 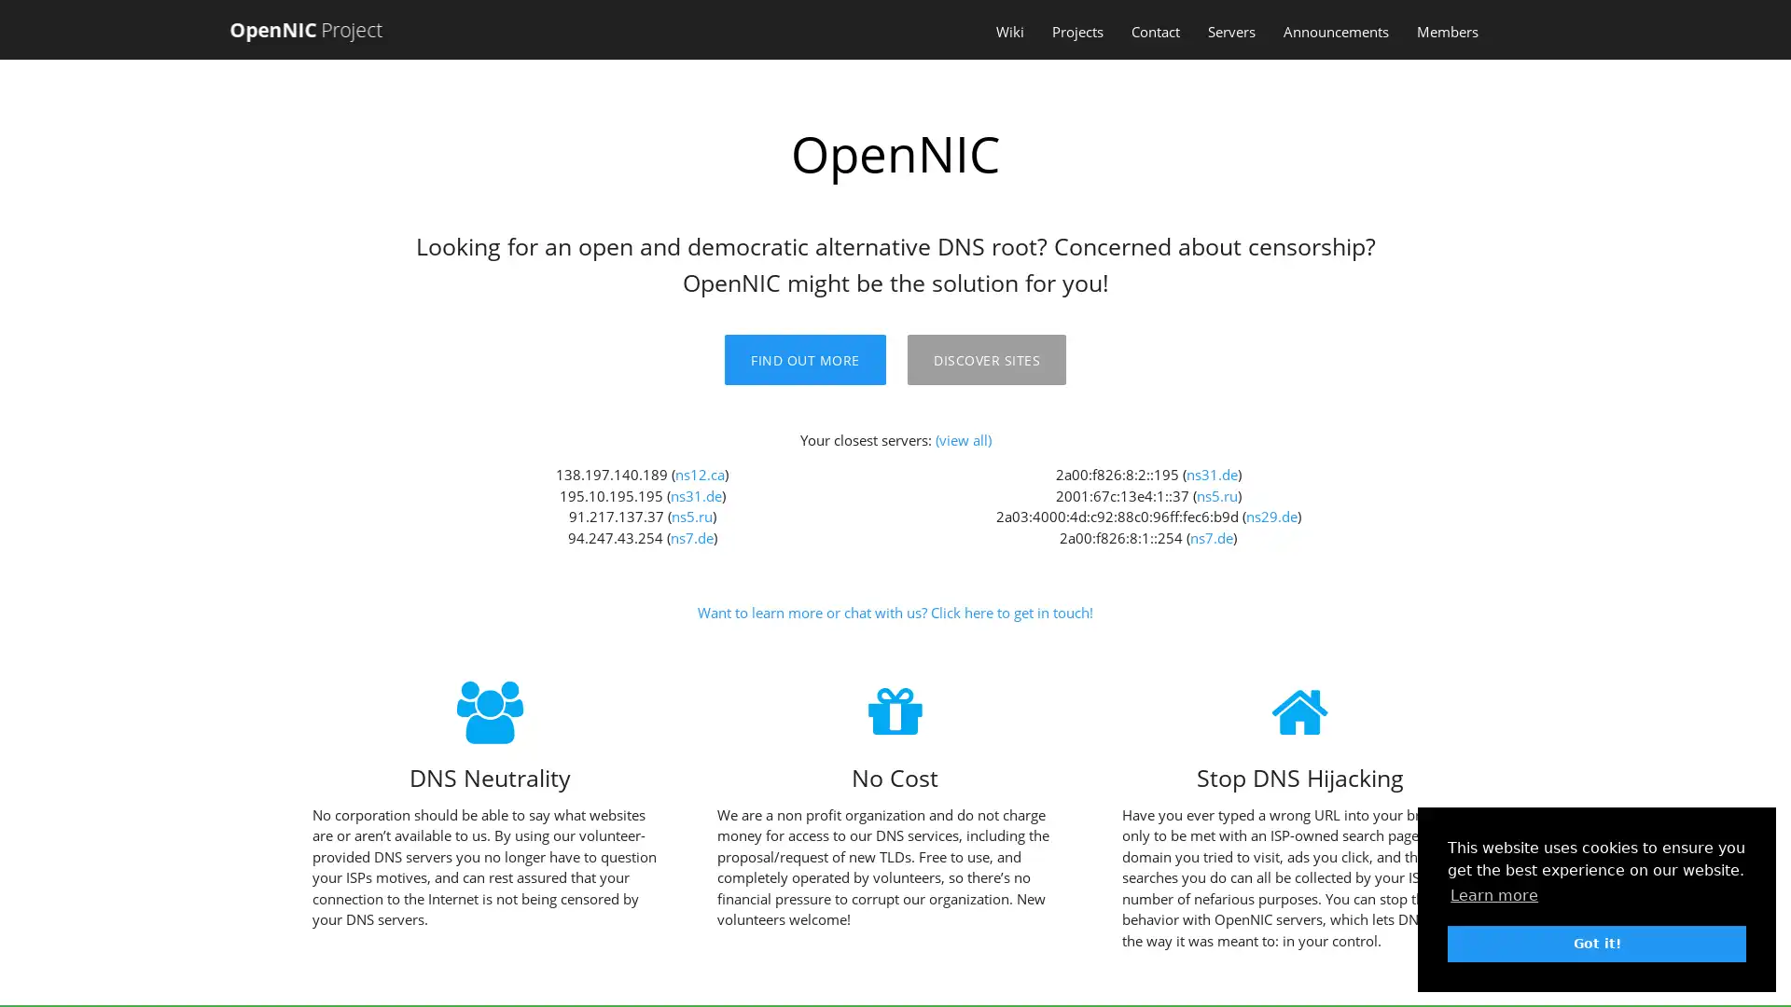 What do you see at coordinates (1494, 894) in the screenshot?
I see `learn more about cookies` at bounding box center [1494, 894].